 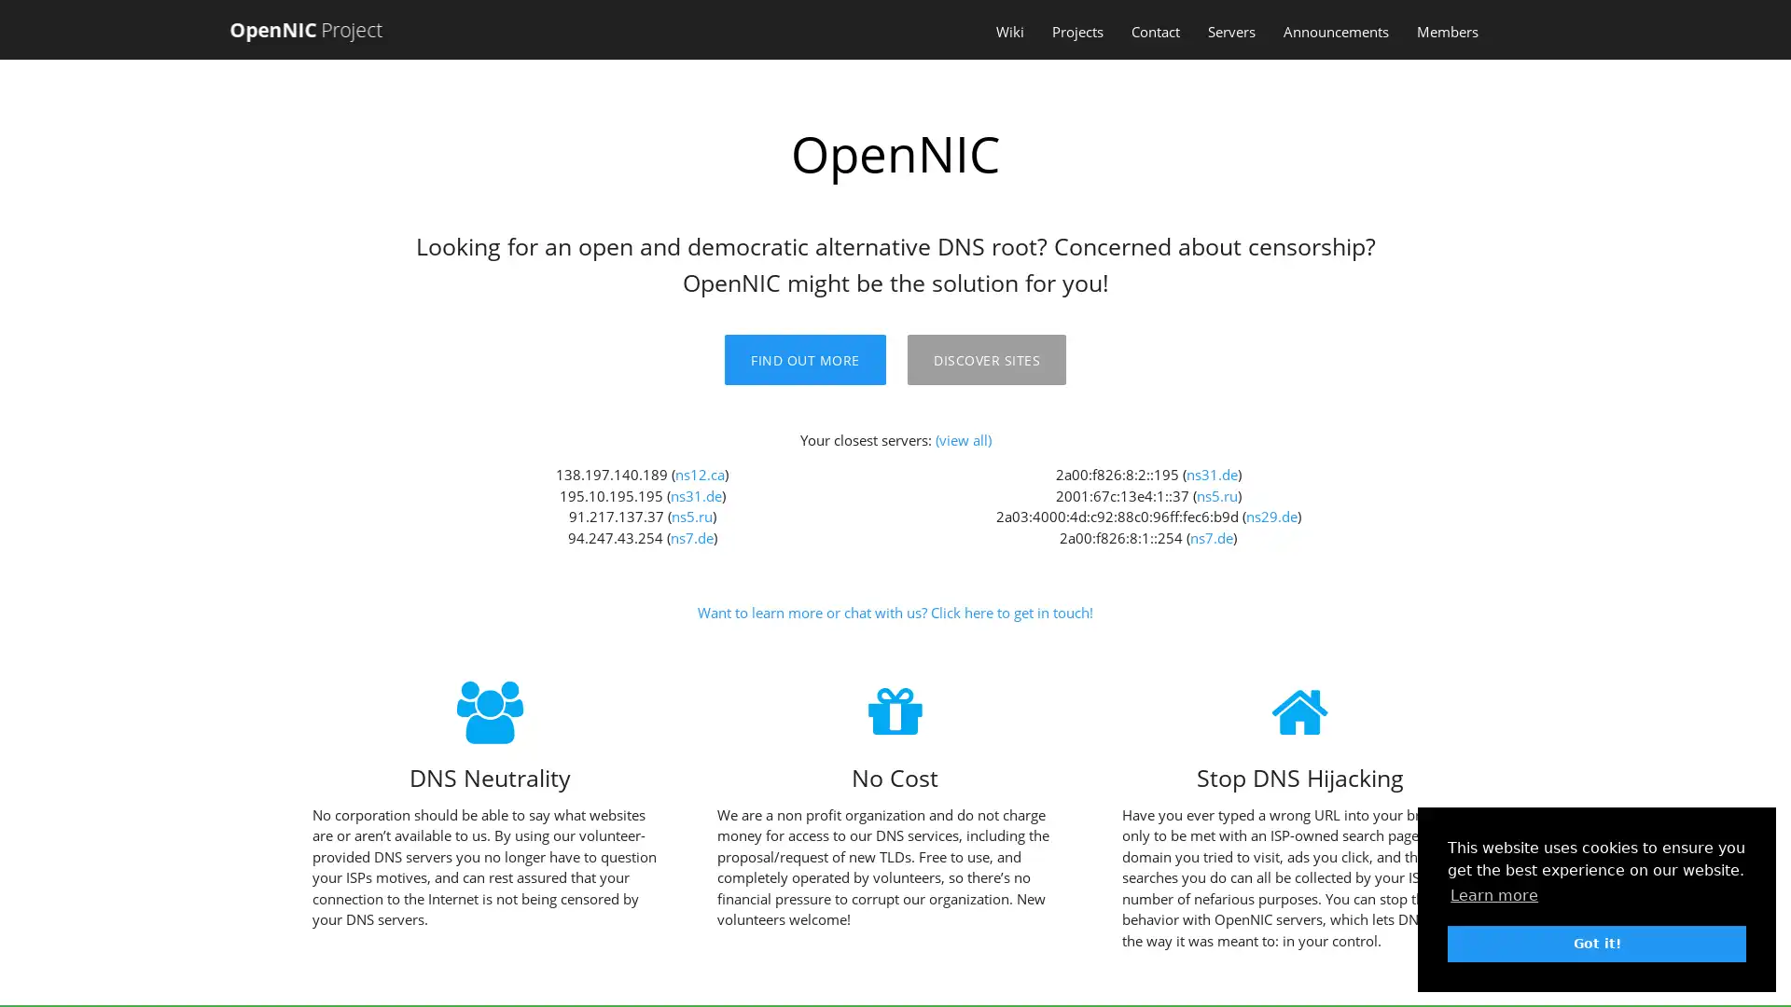 What do you see at coordinates (1494, 894) in the screenshot?
I see `learn more about cookies` at bounding box center [1494, 894].